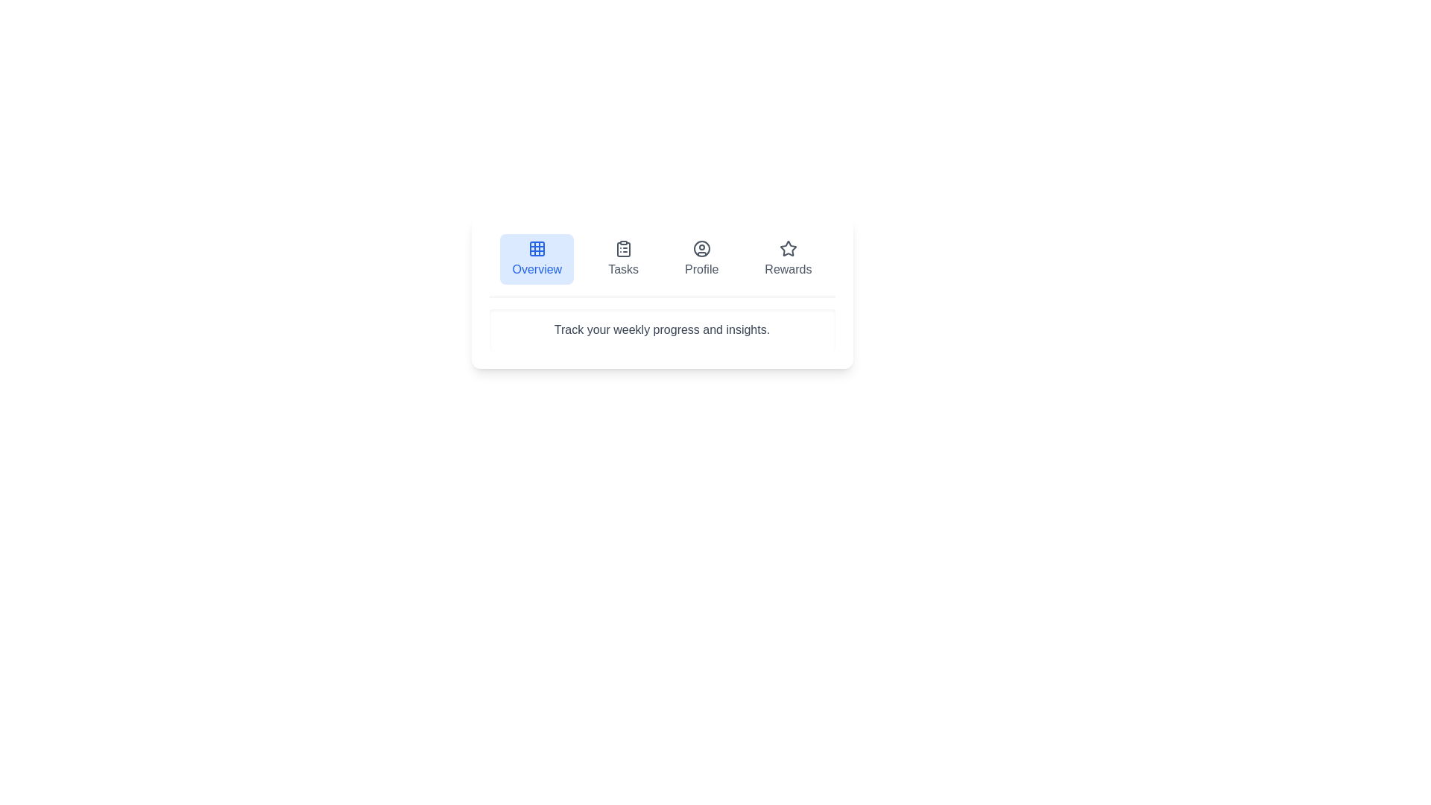  I want to click on the navigation bar within the Composite section containing options such as 'Overview,' 'Tasks,' 'Profile,' and 'Rewards' to switch sections, so click(661, 292).